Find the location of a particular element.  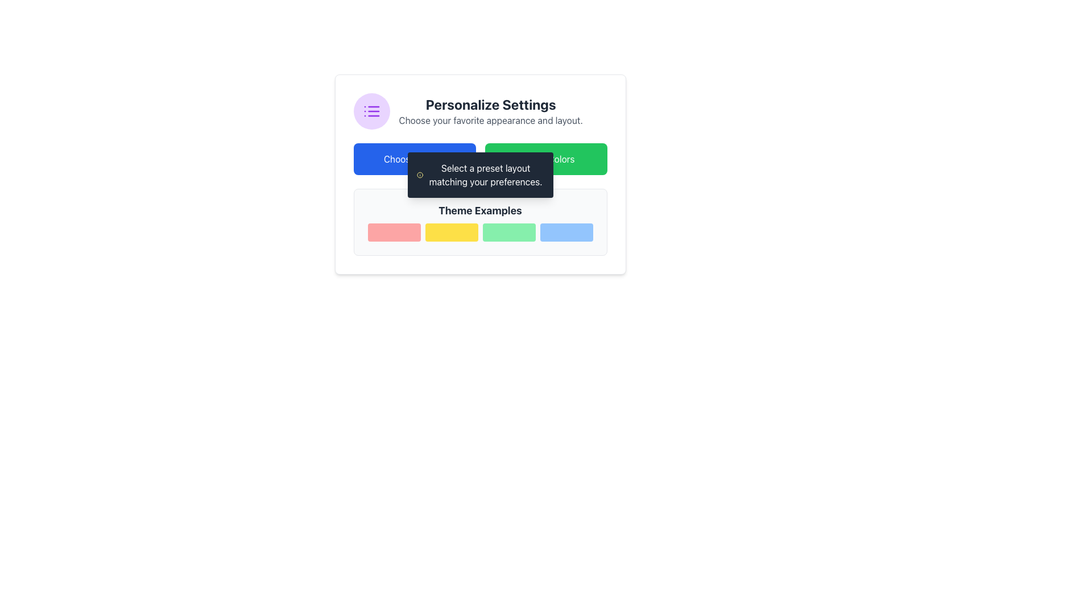

the yellow rectangular block with rounded corners located under 'Theme Examples', which is the second block from the left in a grid layout is located at coordinates (450, 231).